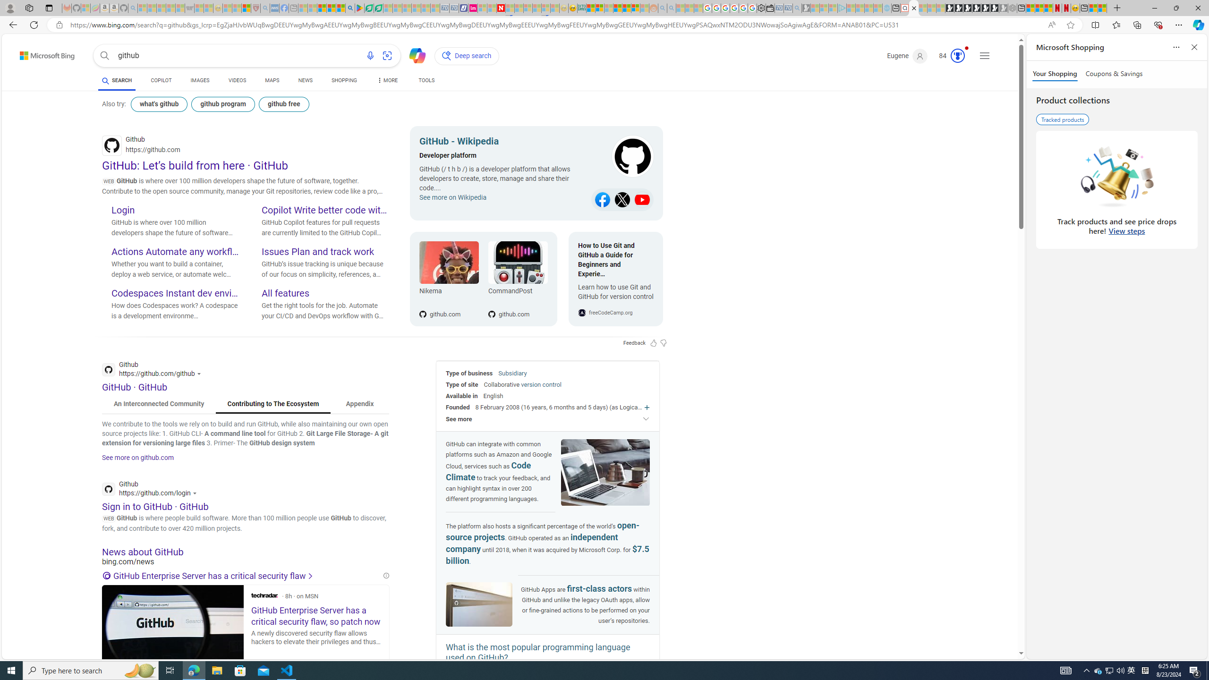  I want to click on 'Class: b_wdblk', so click(623, 157).